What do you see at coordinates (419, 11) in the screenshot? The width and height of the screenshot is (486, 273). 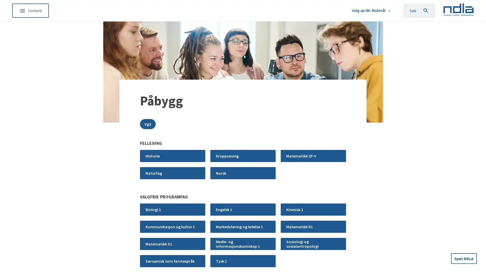 I see `Sk` at bounding box center [419, 11].